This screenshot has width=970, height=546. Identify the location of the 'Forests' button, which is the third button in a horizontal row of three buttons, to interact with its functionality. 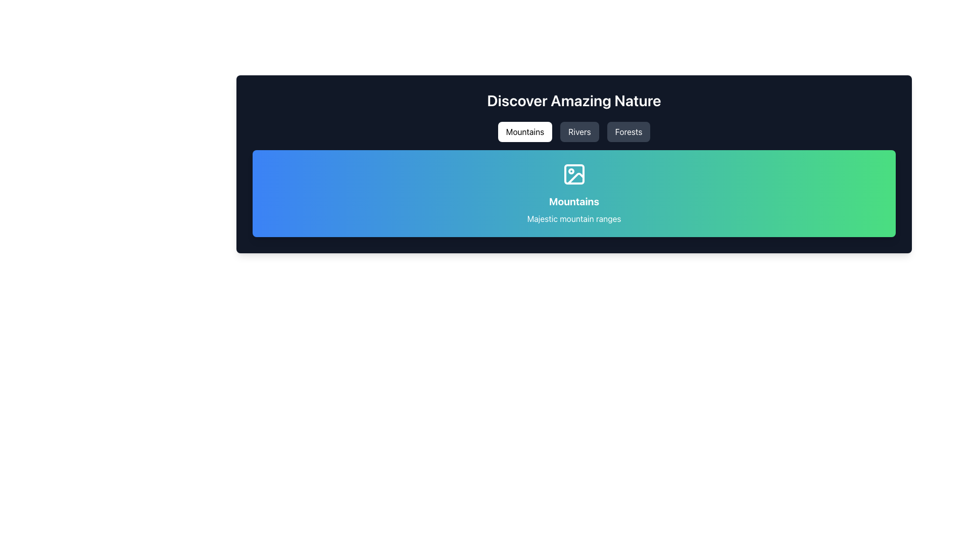
(628, 131).